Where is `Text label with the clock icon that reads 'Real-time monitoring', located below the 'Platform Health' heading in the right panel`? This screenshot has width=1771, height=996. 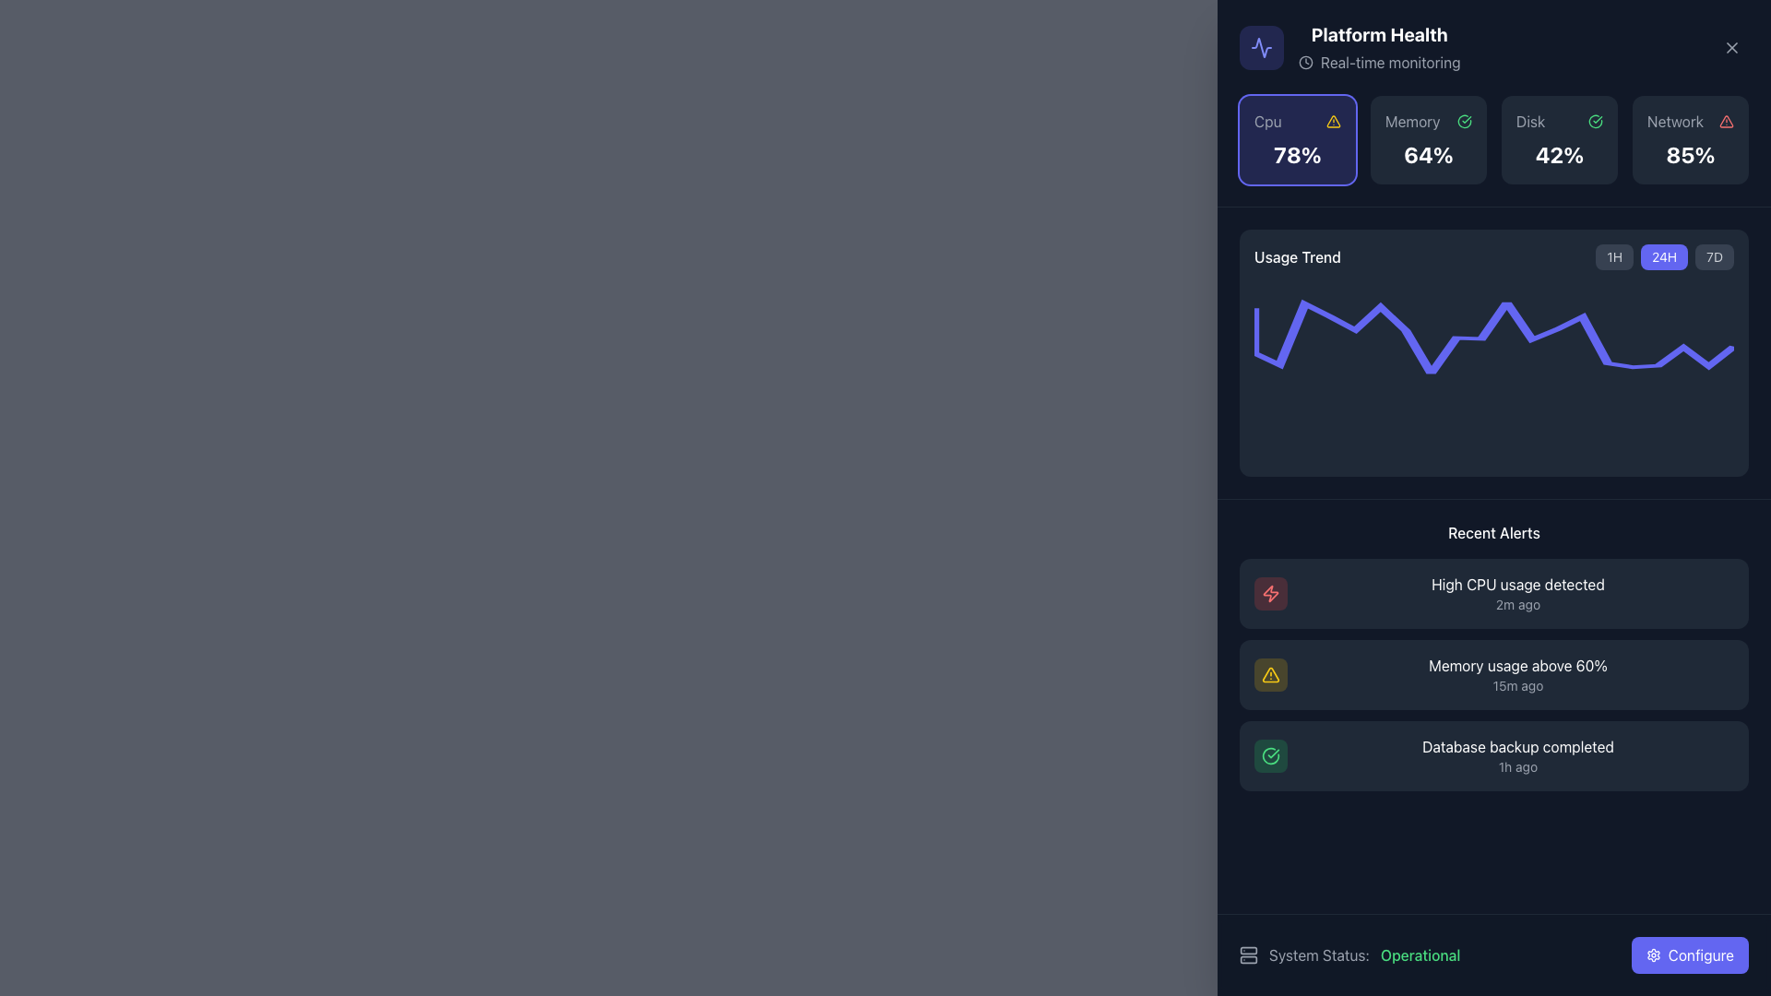 Text label with the clock icon that reads 'Real-time monitoring', located below the 'Platform Health' heading in the right panel is located at coordinates (1379, 62).